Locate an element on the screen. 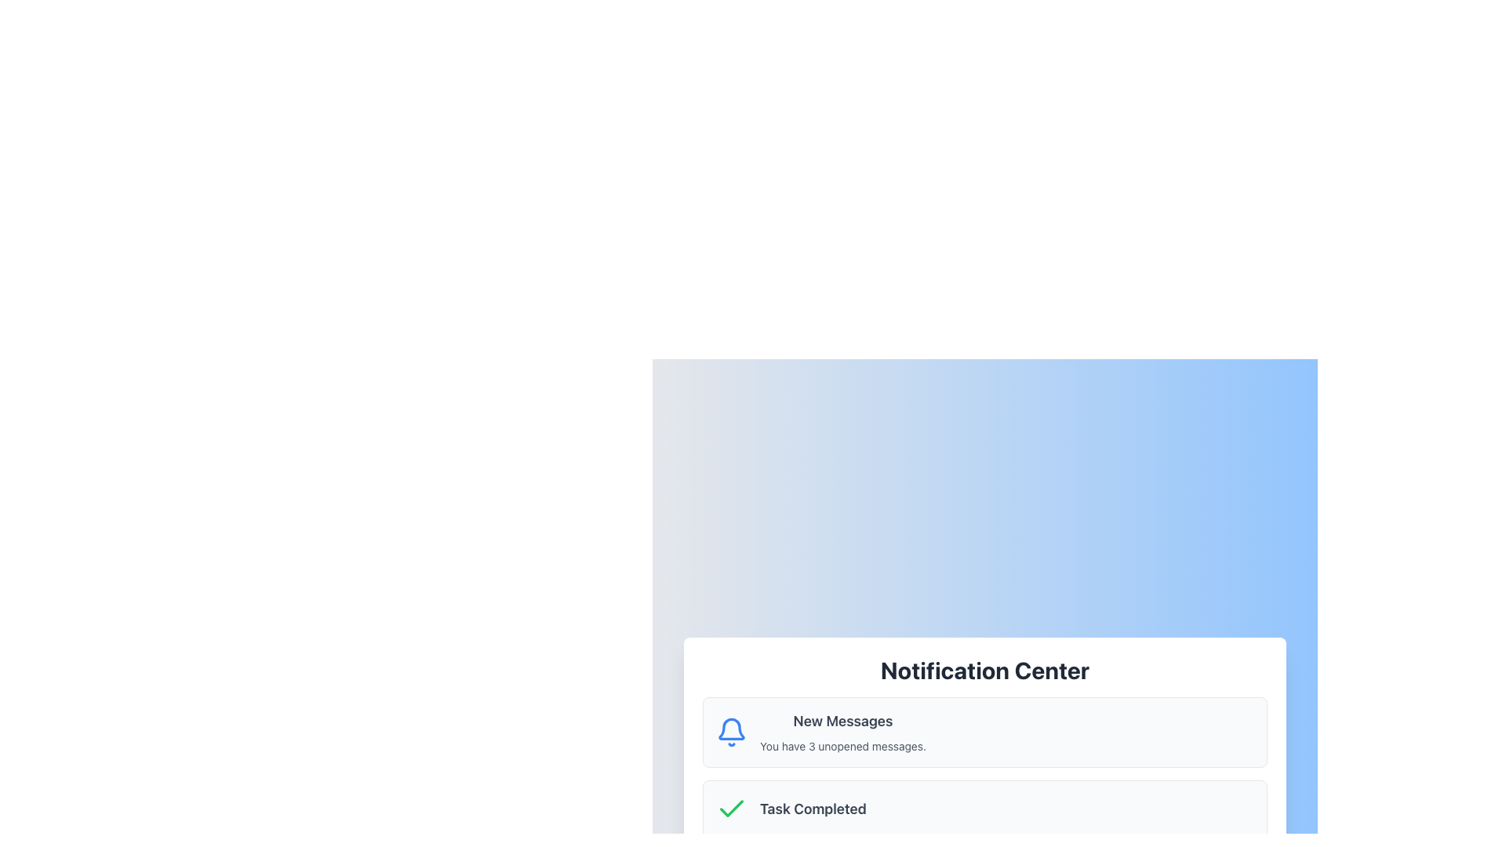  the checkmark icon in the Notification Center, which indicates that the associated task has been successfully completed is located at coordinates (730, 808).